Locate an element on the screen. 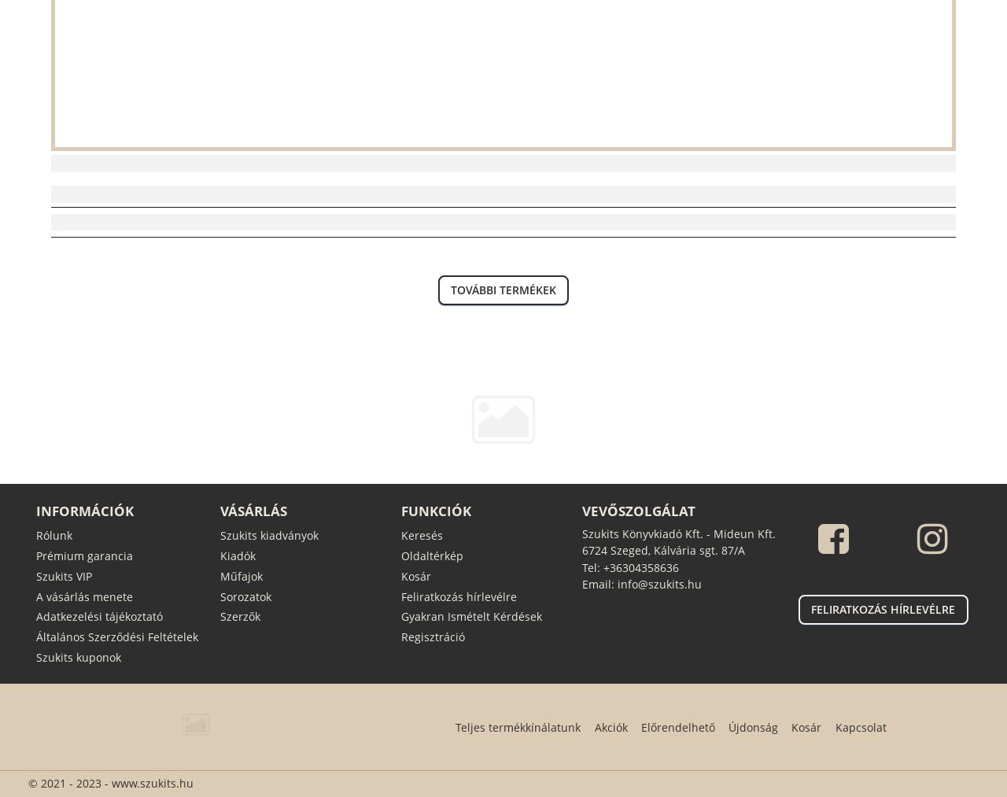 The width and height of the screenshot is (1007, 797). '+36304358636' is located at coordinates (640, 566).